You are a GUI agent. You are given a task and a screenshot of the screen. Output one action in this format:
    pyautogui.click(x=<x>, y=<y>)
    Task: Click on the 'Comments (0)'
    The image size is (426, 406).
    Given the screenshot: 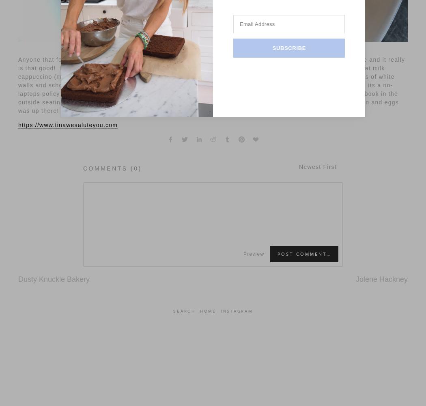 What is the action you would take?
    pyautogui.click(x=112, y=168)
    